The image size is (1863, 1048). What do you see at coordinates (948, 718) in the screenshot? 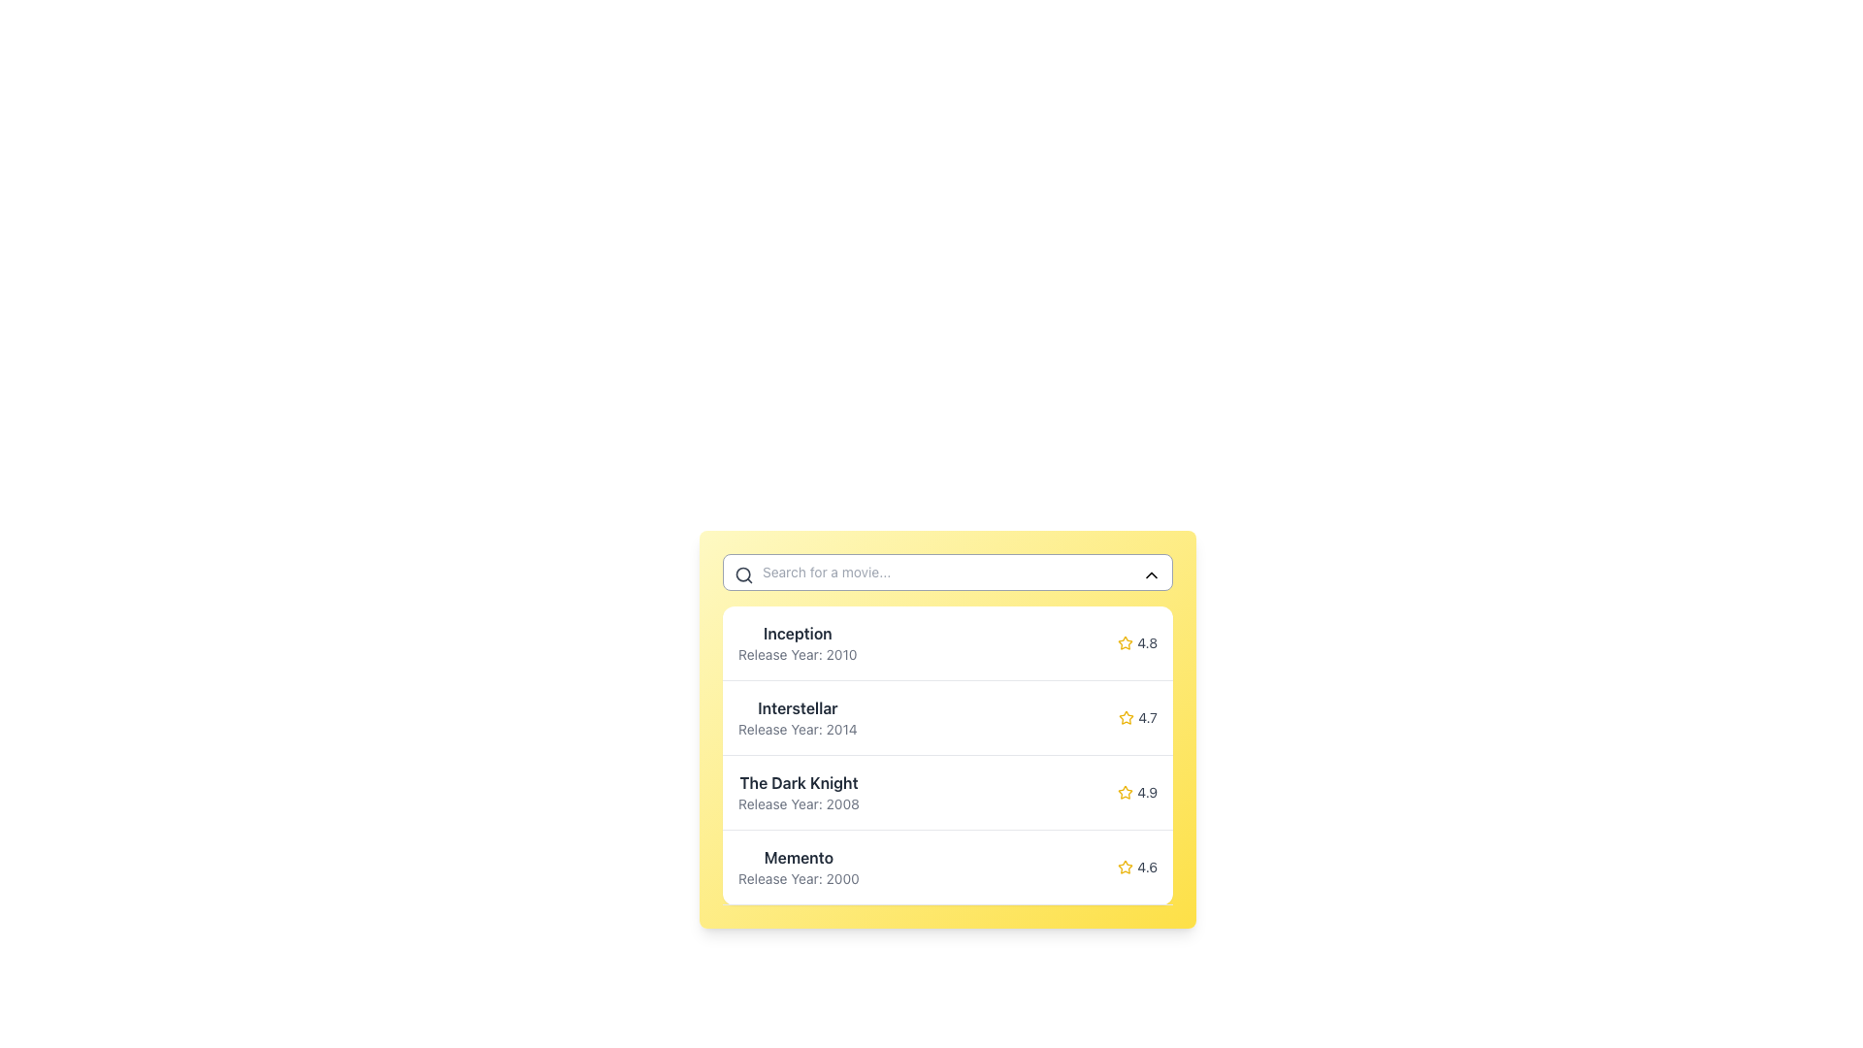
I see `the second row in the movie list` at bounding box center [948, 718].